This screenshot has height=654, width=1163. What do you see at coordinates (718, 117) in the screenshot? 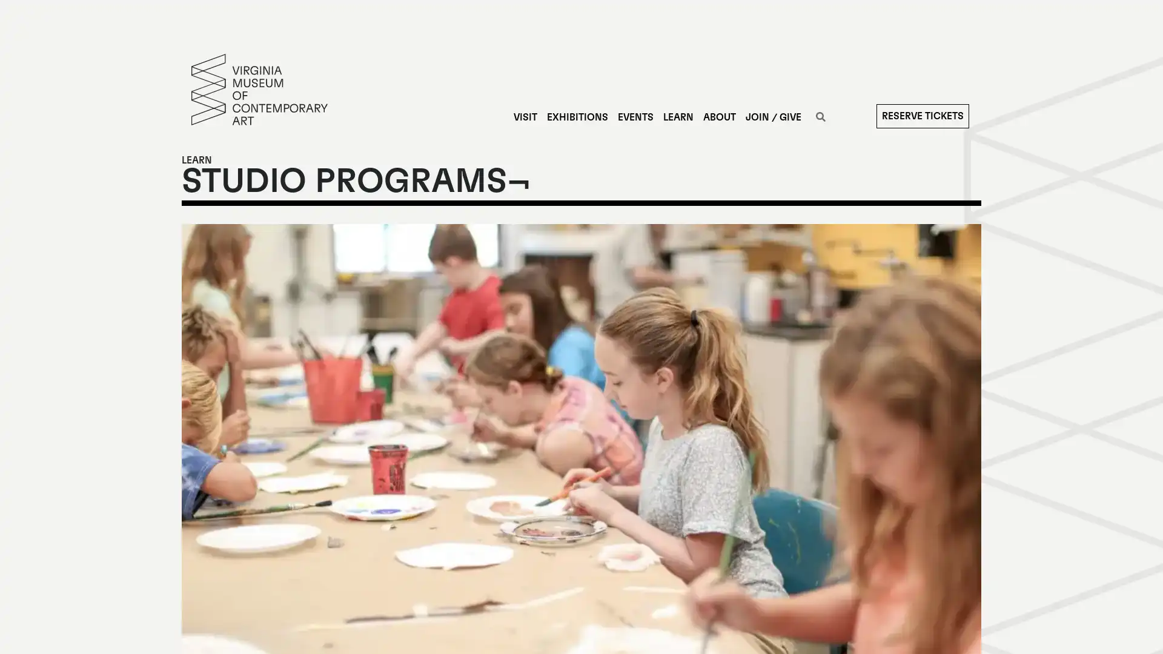
I see `ABOUT` at bounding box center [718, 117].